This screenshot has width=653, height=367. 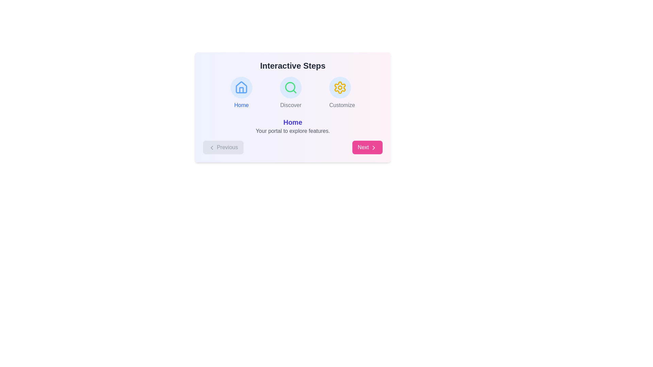 What do you see at coordinates (340, 87) in the screenshot?
I see `the decorative SVG component located at the center of the 'Customize' icon, which is the third icon in the horizontal row of 'Home,' 'Discover,' and 'Customize.'` at bounding box center [340, 87].